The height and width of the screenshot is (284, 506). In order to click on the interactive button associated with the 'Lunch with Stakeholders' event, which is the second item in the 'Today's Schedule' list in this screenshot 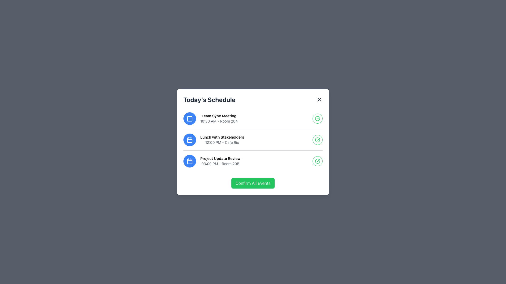, I will do `click(253, 140)`.